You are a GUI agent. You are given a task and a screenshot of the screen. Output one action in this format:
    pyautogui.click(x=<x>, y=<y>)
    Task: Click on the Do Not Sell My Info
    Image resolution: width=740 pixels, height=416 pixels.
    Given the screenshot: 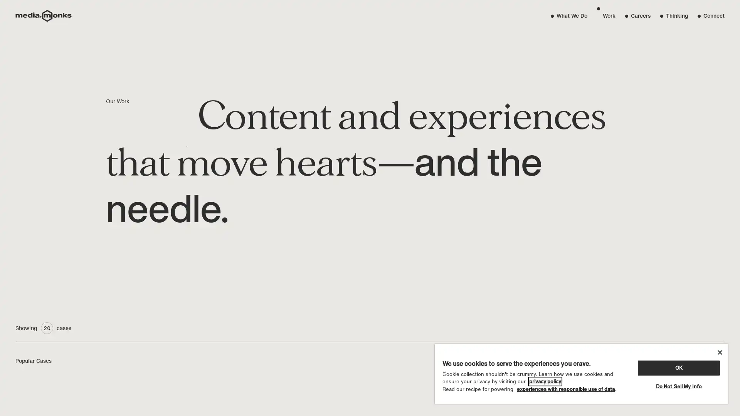 What is the action you would take?
    pyautogui.click(x=678, y=386)
    